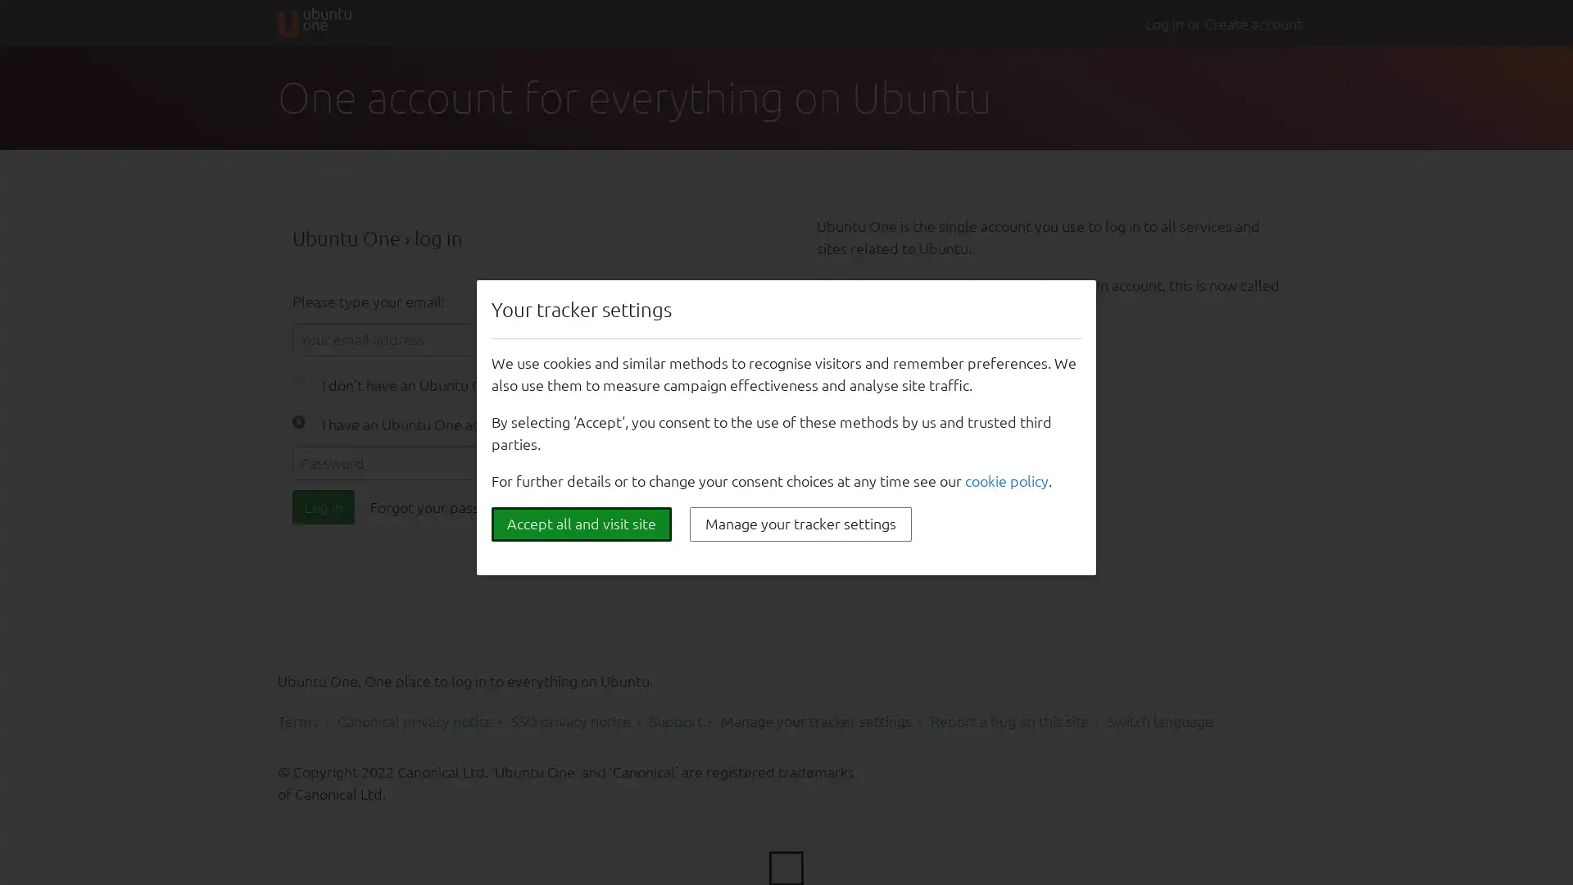 This screenshot has height=885, width=1573. What do you see at coordinates (444, 506) in the screenshot?
I see `Forgot your password?` at bounding box center [444, 506].